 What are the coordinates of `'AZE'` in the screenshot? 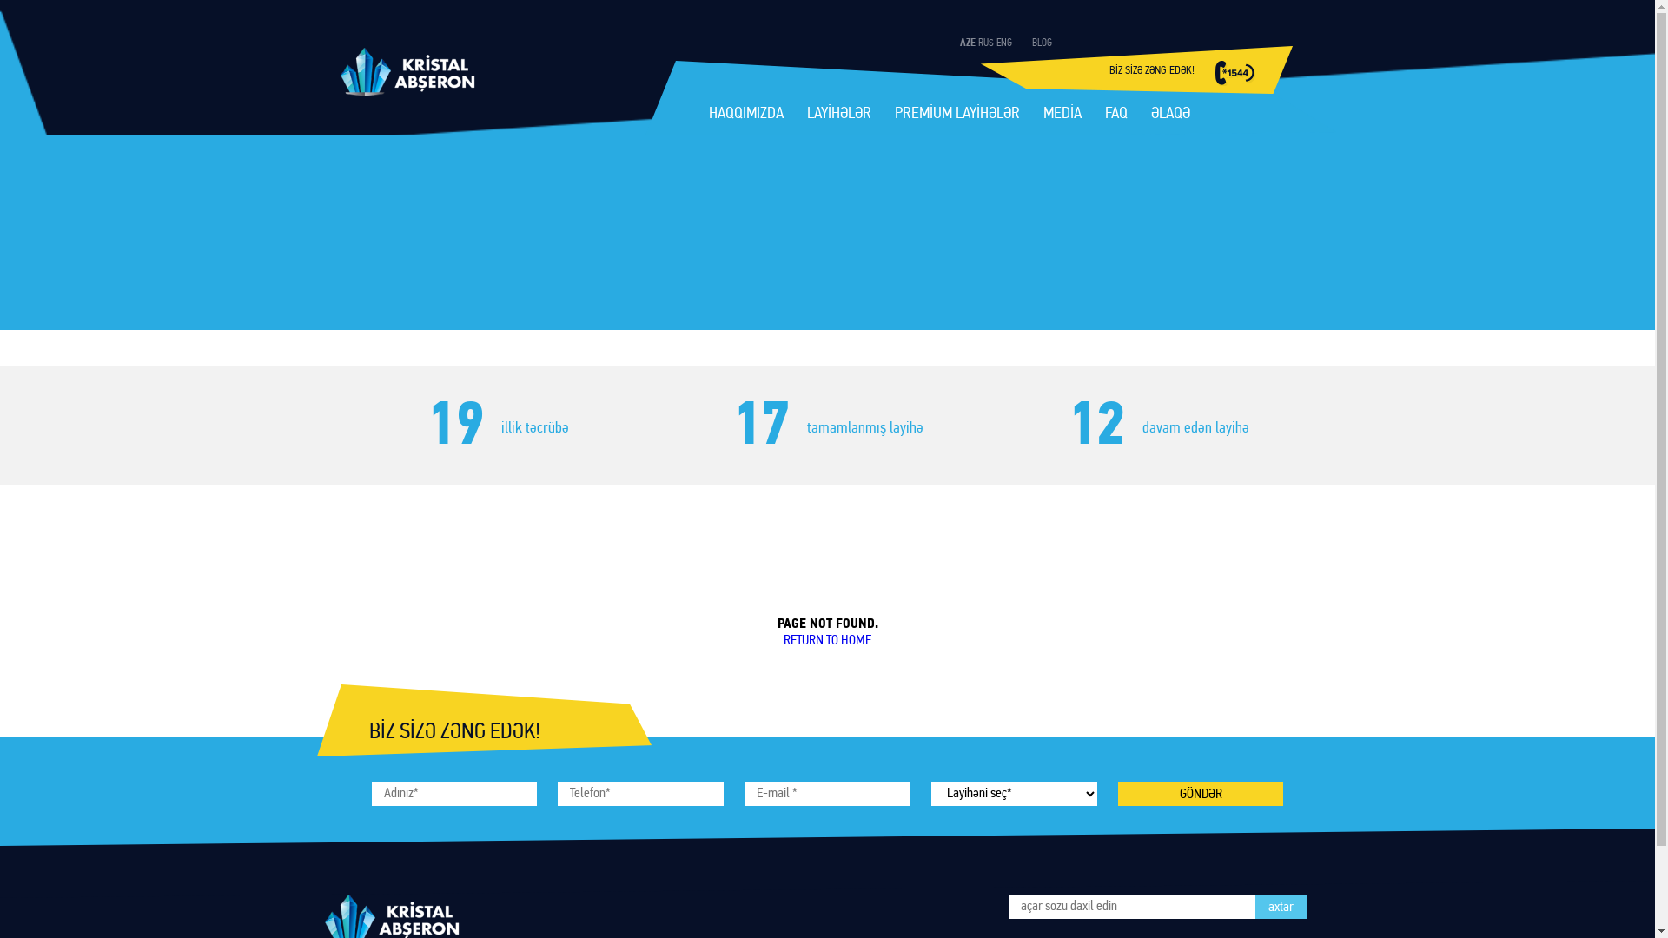 It's located at (966, 43).